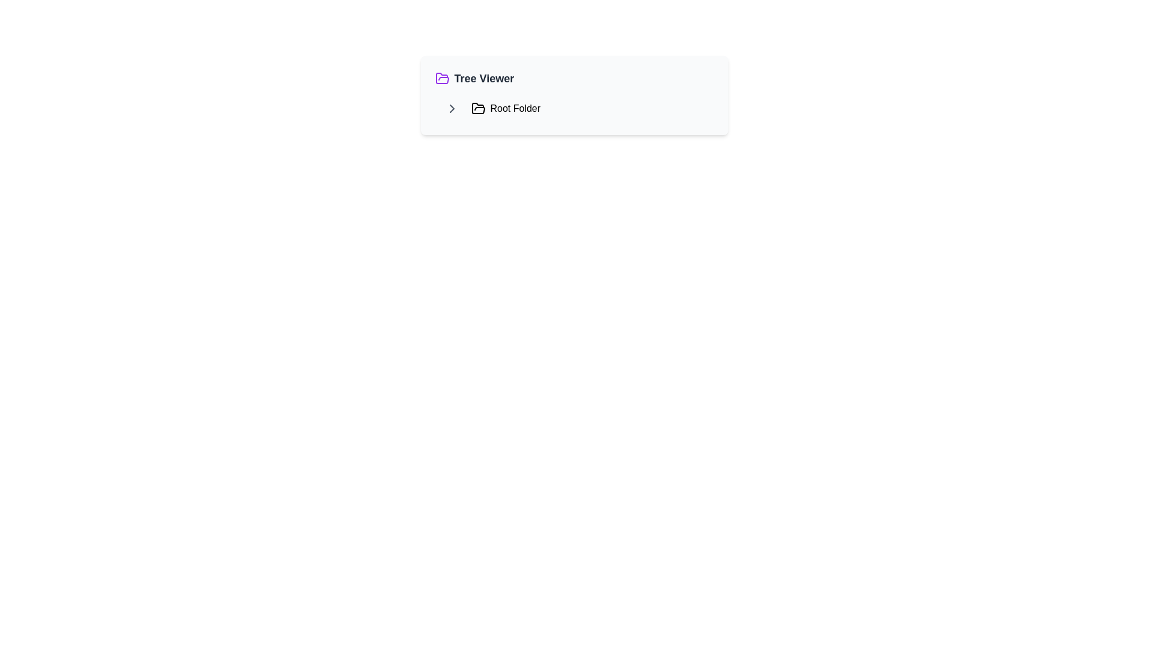 Image resolution: width=1153 pixels, height=649 pixels. What do you see at coordinates (477, 109) in the screenshot?
I see `the folder icon representing the contents of the 'Root Folder' in the 'Tree Viewer' interface` at bounding box center [477, 109].